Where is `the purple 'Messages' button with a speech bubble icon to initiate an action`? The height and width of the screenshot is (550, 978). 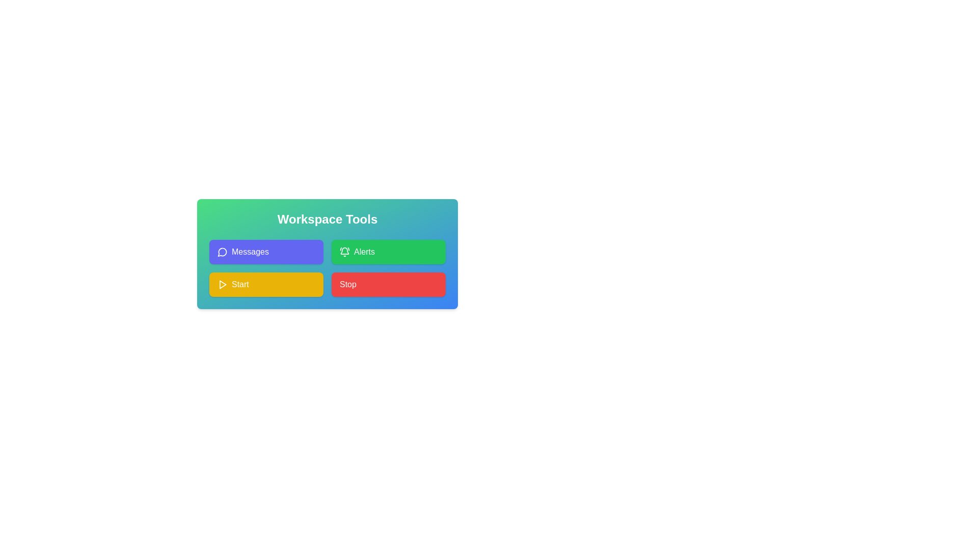 the purple 'Messages' button with a speech bubble icon to initiate an action is located at coordinates (266, 252).